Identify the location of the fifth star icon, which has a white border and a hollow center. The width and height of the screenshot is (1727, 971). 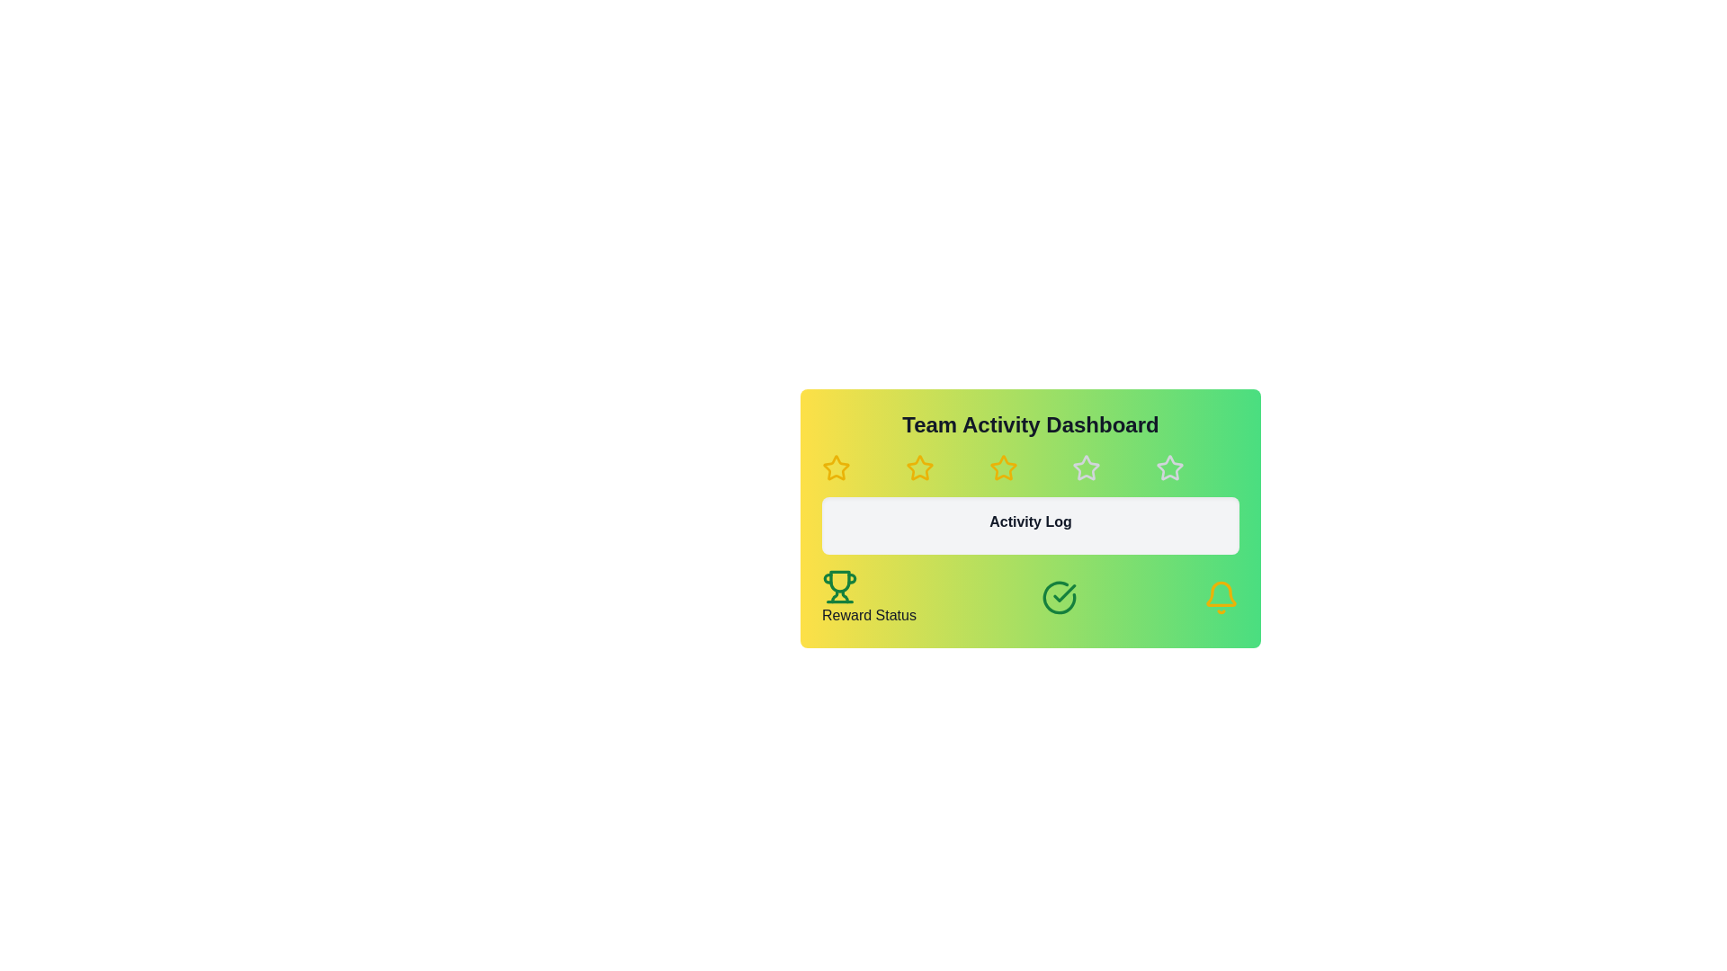
(1169, 467).